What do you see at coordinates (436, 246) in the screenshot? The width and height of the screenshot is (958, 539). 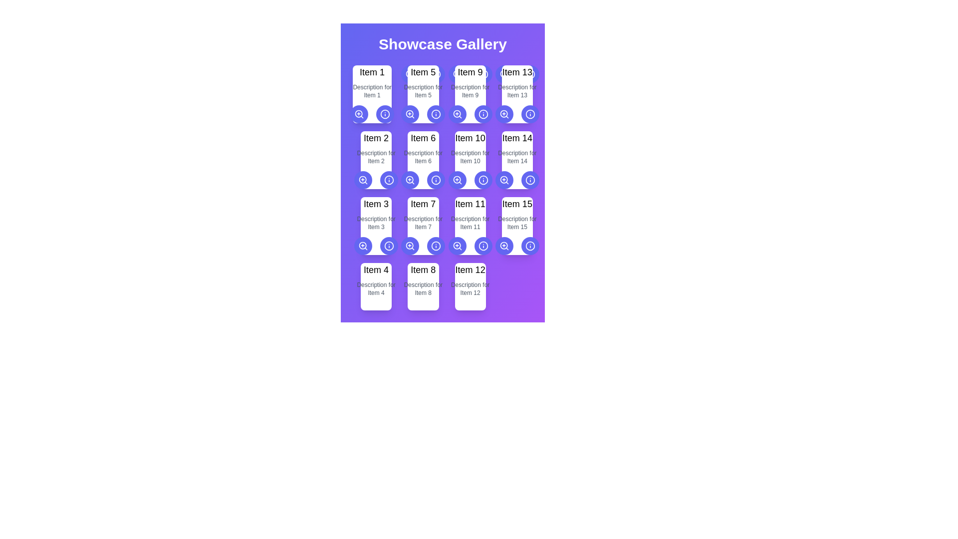 I see `the circular icon with an outlined exclamation mark located at the bottom right corner of the 'Item 7' card layout` at bounding box center [436, 246].